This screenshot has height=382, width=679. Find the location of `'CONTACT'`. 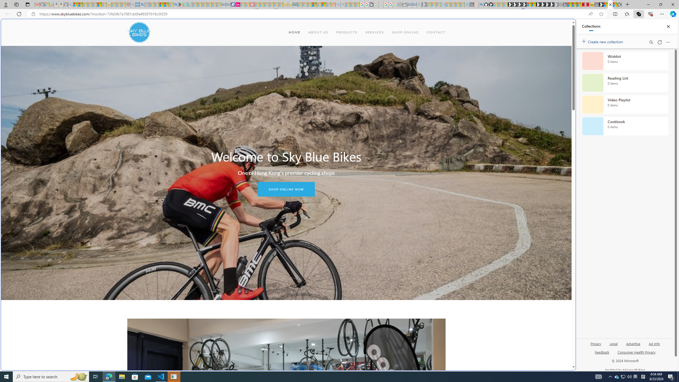

'CONTACT' is located at coordinates (436, 32).